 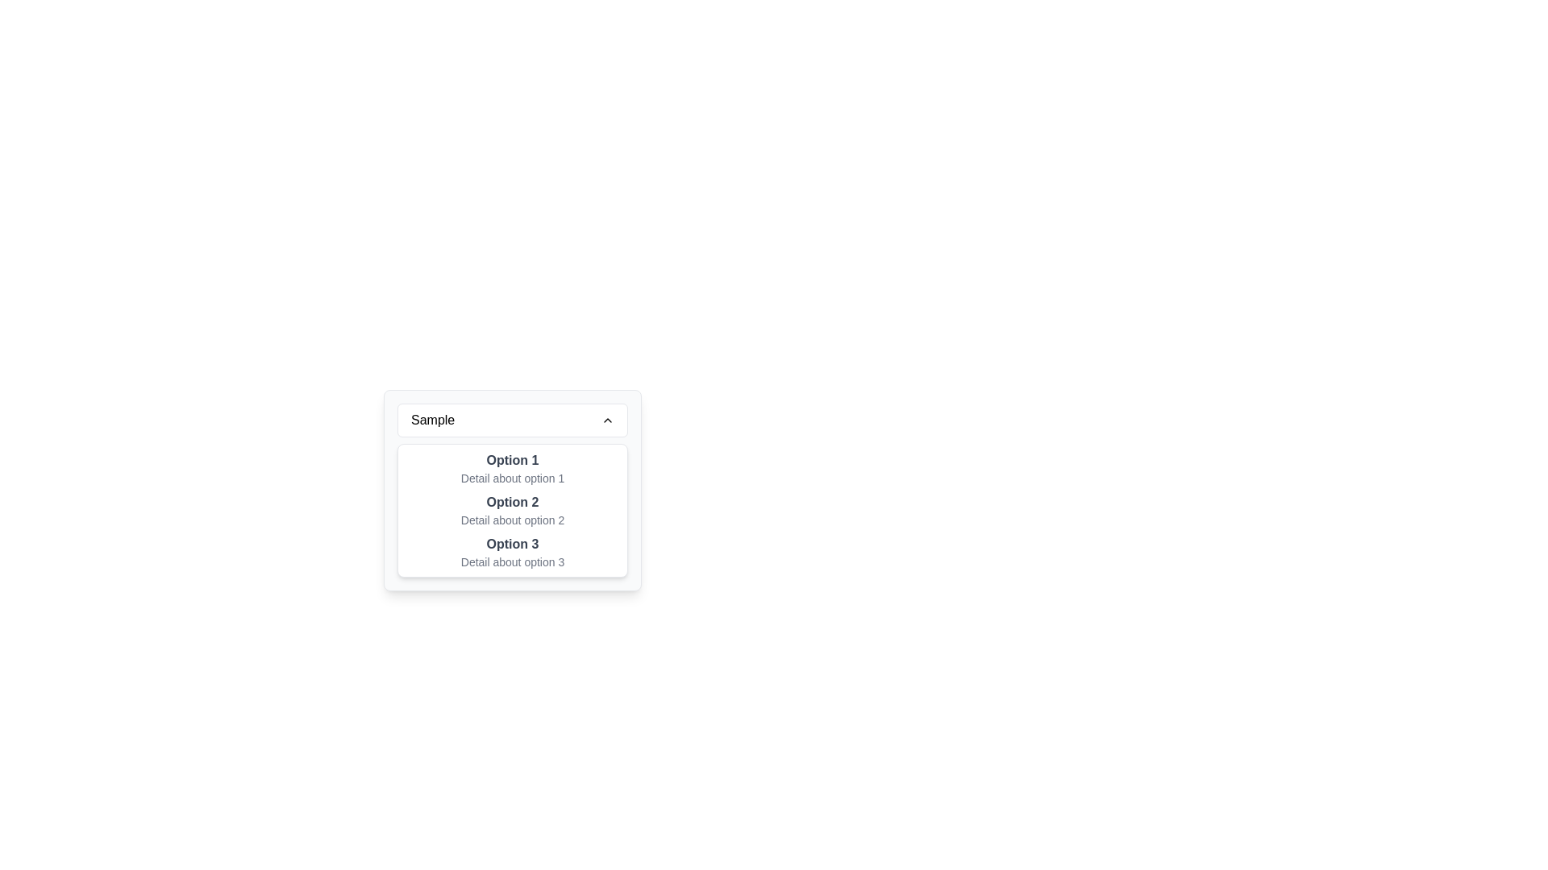 I want to click on the 'Option 3' text label, which is bold and dark gray, so click(x=511, y=544).